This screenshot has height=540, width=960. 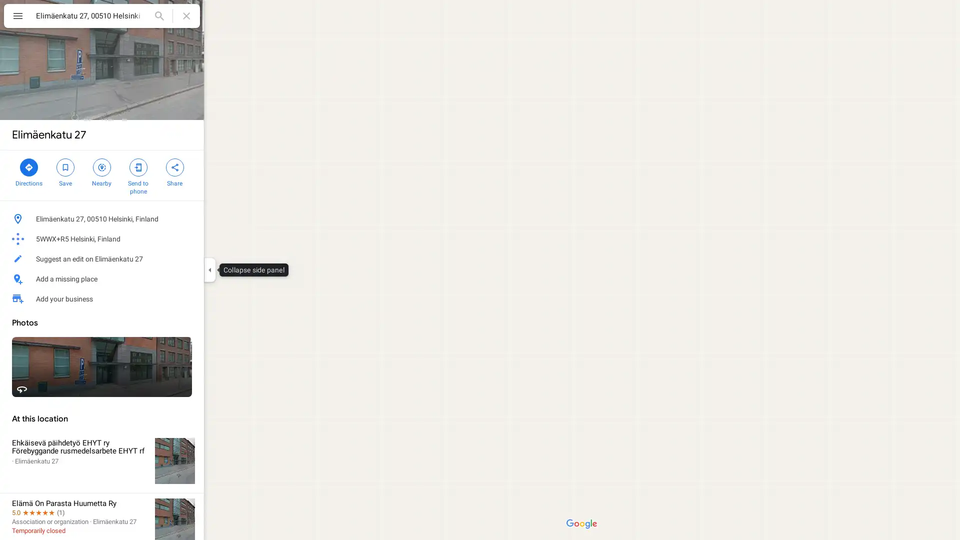 What do you see at coordinates (185, 218) in the screenshot?
I see `Copy address` at bounding box center [185, 218].